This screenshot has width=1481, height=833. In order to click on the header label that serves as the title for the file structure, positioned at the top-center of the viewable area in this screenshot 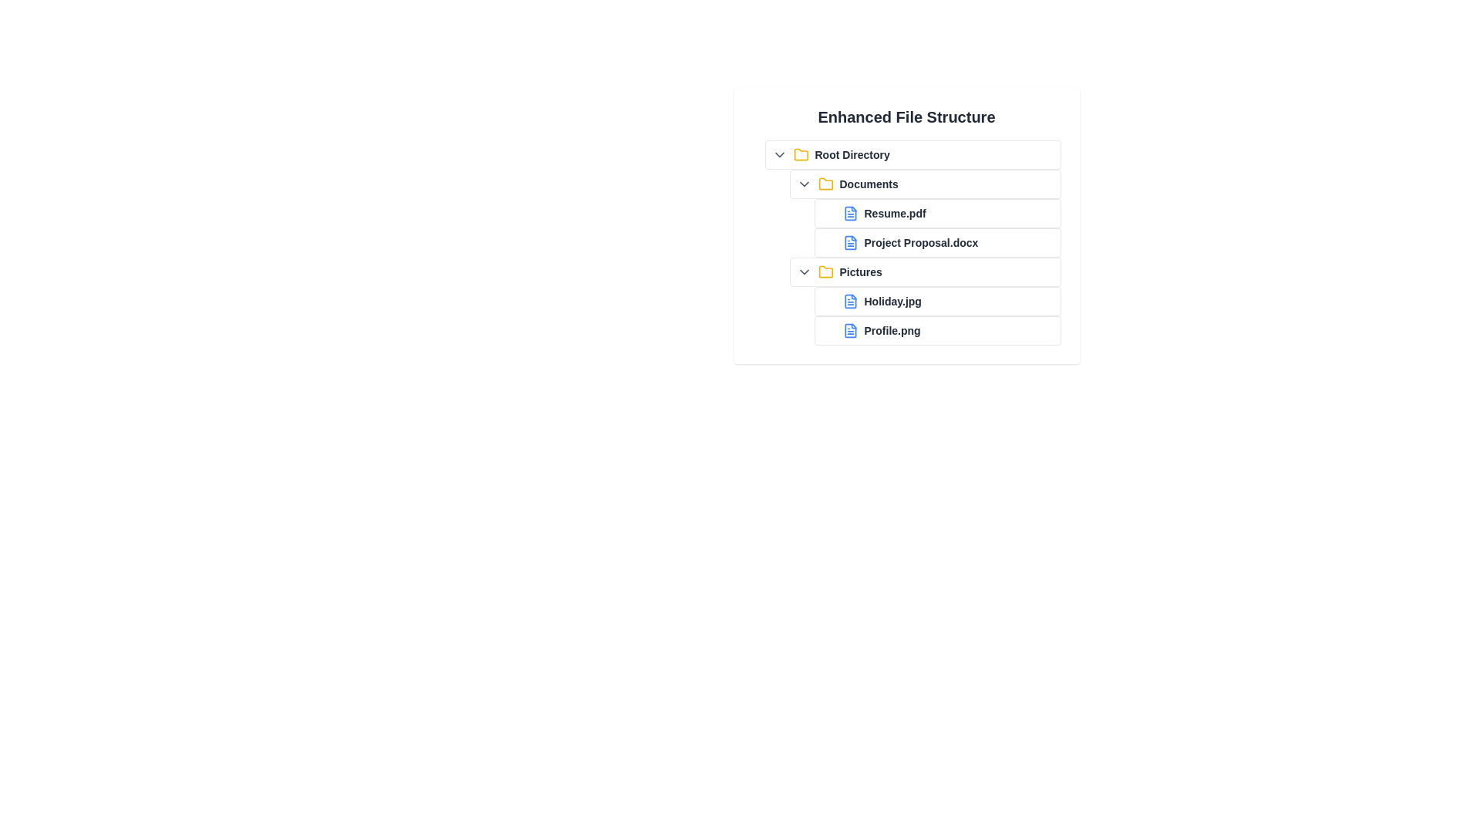, I will do `click(906, 116)`.